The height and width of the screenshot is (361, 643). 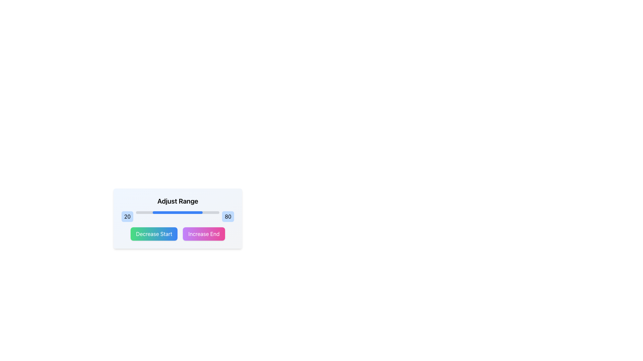 What do you see at coordinates (178, 233) in the screenshot?
I see `the left button labeled 'Decrease Start' in the Button Group, which is part of the 'Adjust Range' controls located at the bottom of the section` at bounding box center [178, 233].